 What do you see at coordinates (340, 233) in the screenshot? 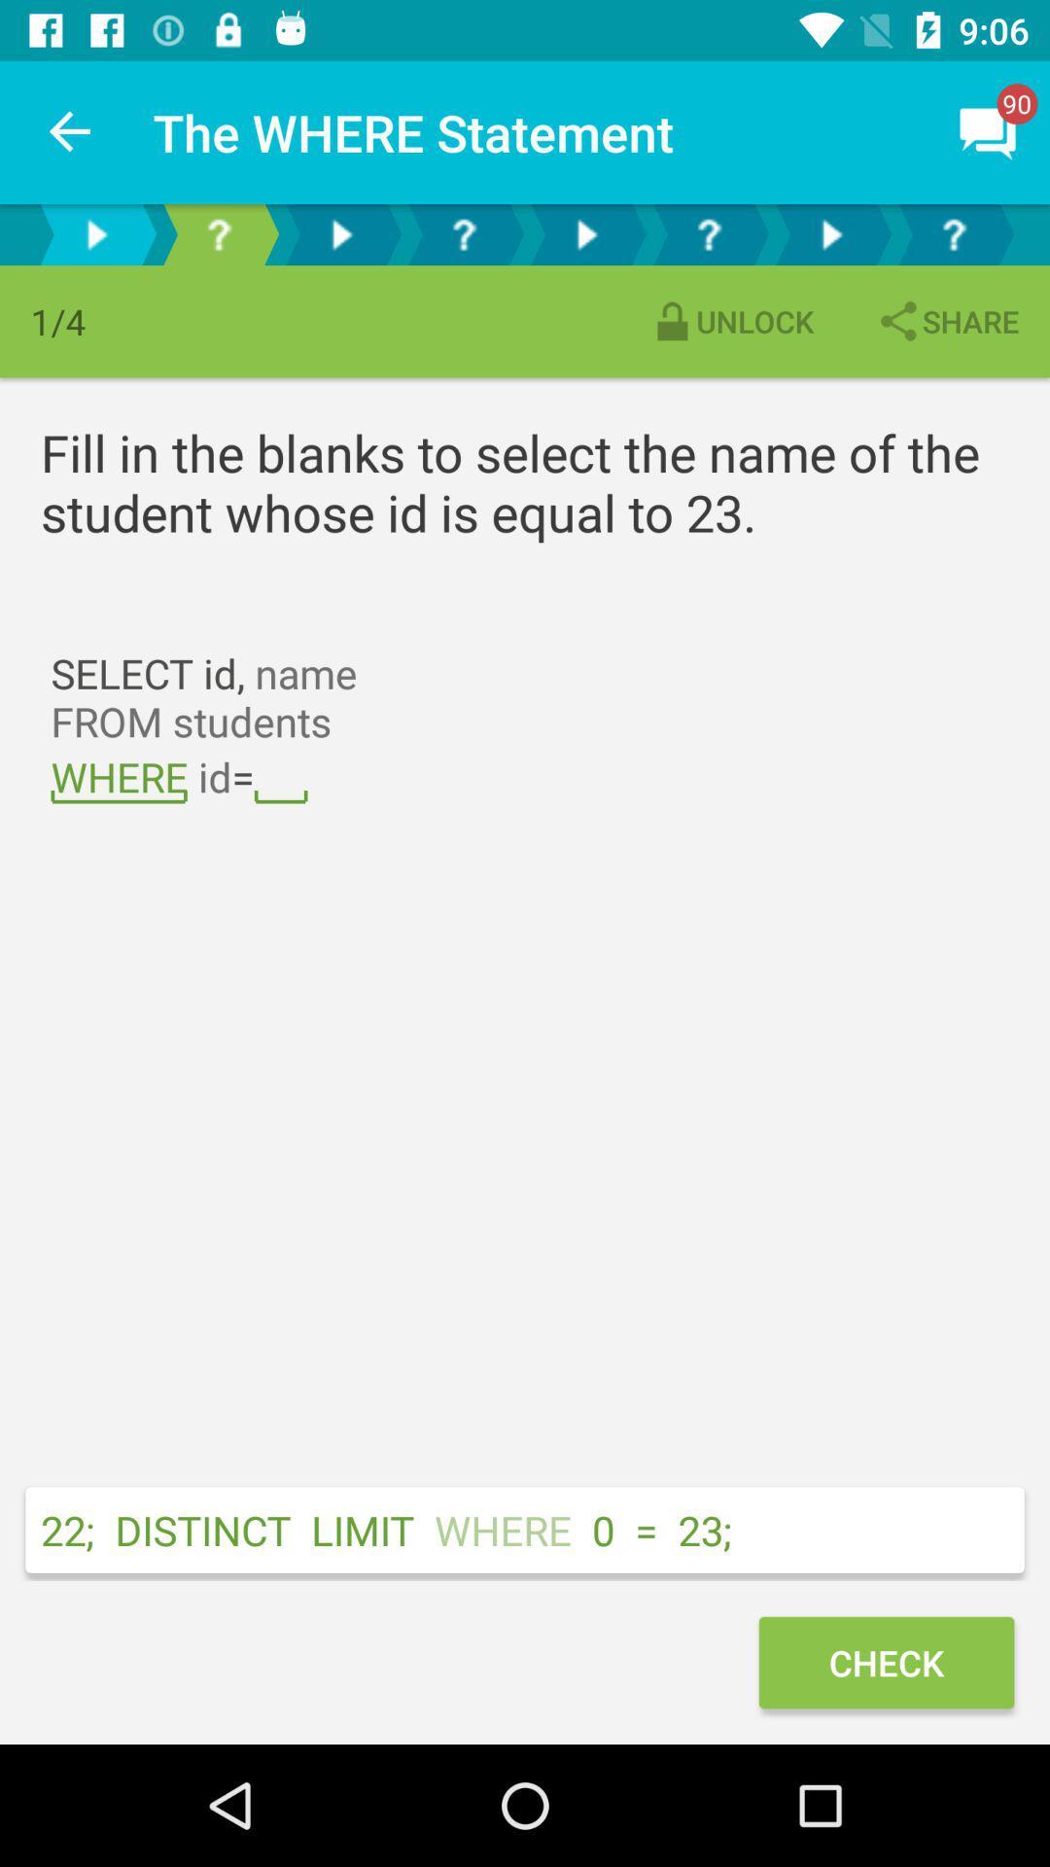
I see `he can activate the simple voice command` at bounding box center [340, 233].